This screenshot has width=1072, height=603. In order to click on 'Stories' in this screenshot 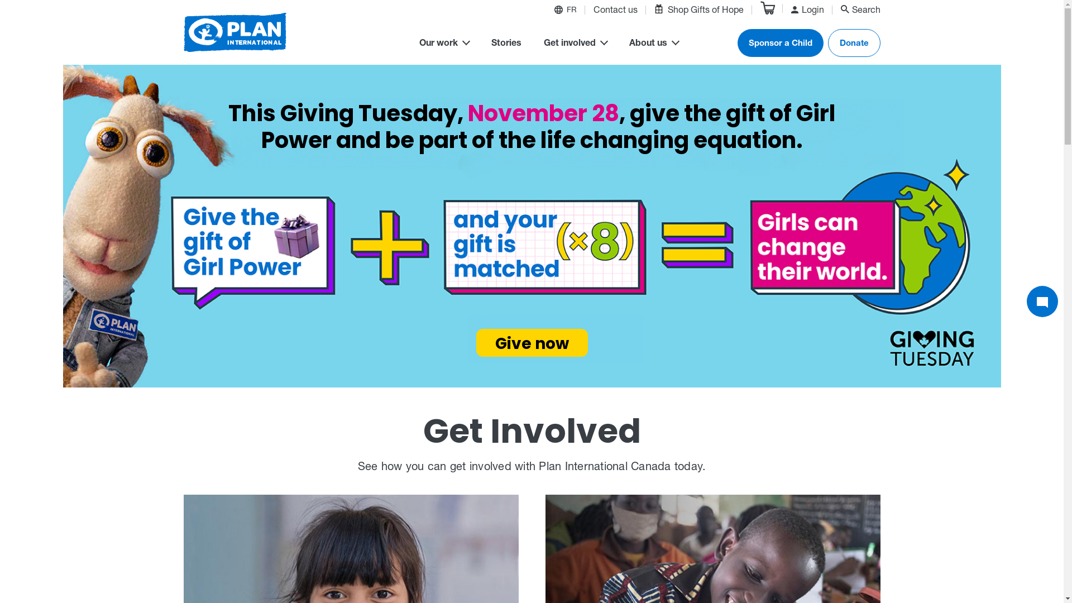, I will do `click(506, 44)`.